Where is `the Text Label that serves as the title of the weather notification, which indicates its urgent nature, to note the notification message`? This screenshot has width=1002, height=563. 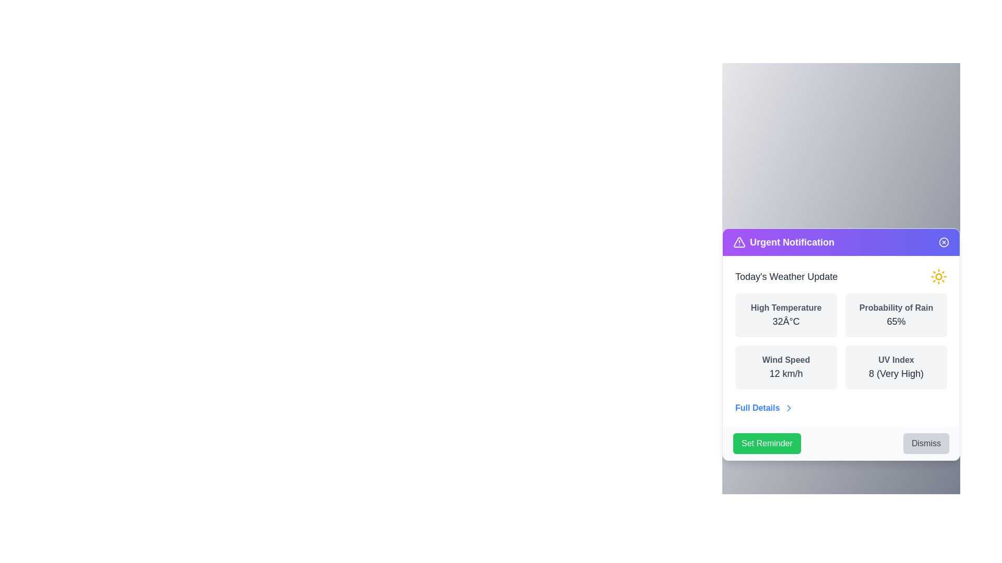 the Text Label that serves as the title of the weather notification, which indicates its urgent nature, to note the notification message is located at coordinates (792, 242).